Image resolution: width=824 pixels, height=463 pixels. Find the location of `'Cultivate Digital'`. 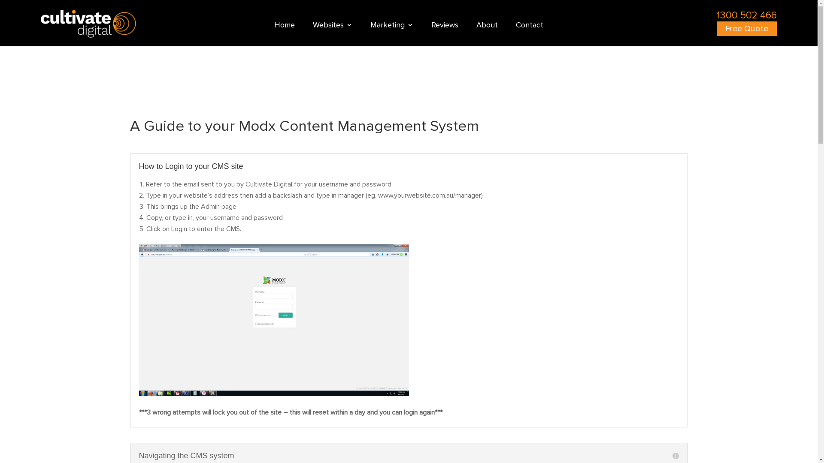

'Cultivate Digital' is located at coordinates (88, 23).